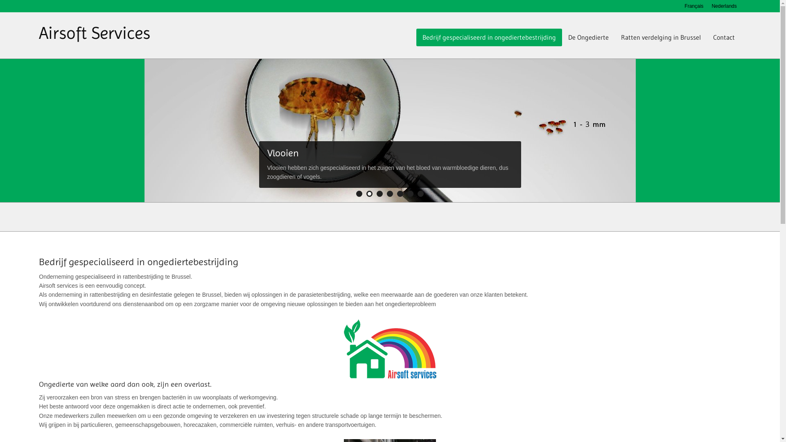 This screenshot has width=786, height=442. What do you see at coordinates (94, 32) in the screenshot?
I see `'Airsoft Services'` at bounding box center [94, 32].